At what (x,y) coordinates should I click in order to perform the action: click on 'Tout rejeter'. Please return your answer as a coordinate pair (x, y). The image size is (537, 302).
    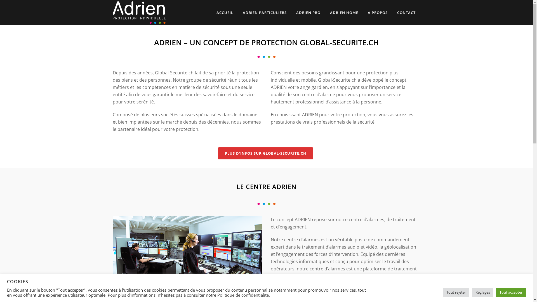
    Looking at the image, I should click on (456, 292).